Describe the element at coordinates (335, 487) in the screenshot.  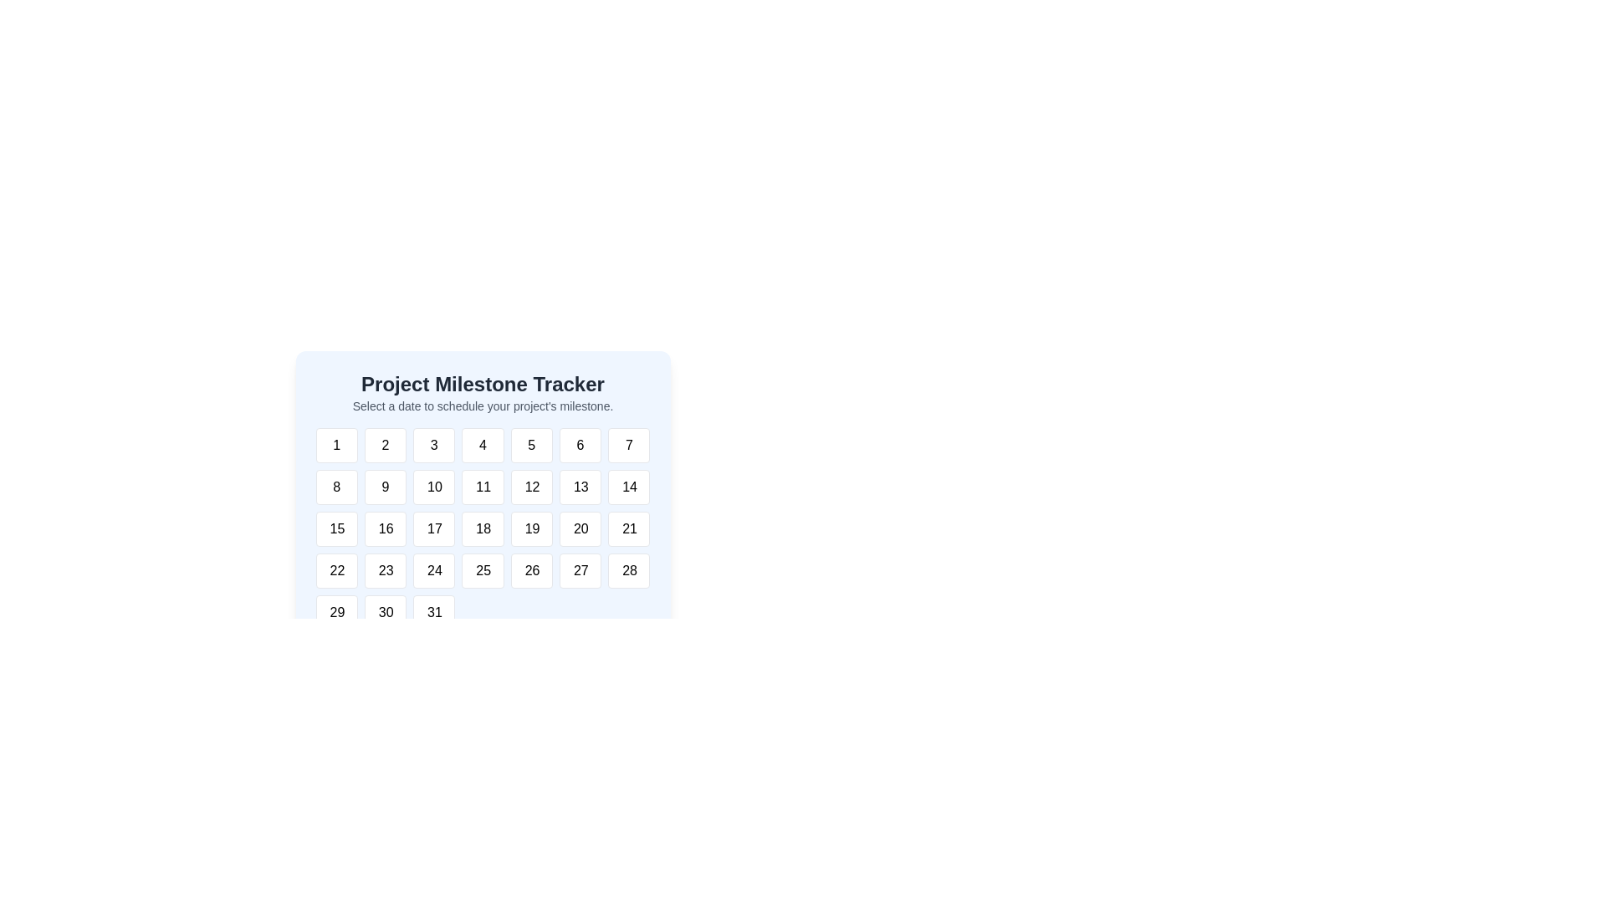
I see `the date selection button for '8' in the Project Milestone Tracker interface` at that location.